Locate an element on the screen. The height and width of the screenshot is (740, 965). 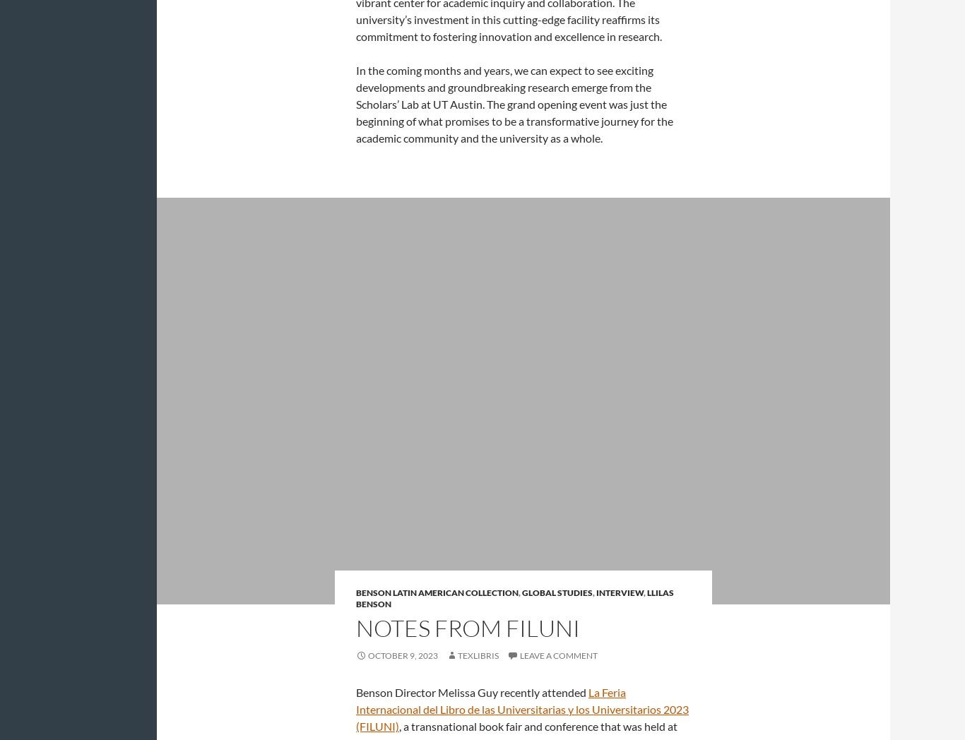
'Benson Director Melissa Guy recently attended' is located at coordinates (471, 691).